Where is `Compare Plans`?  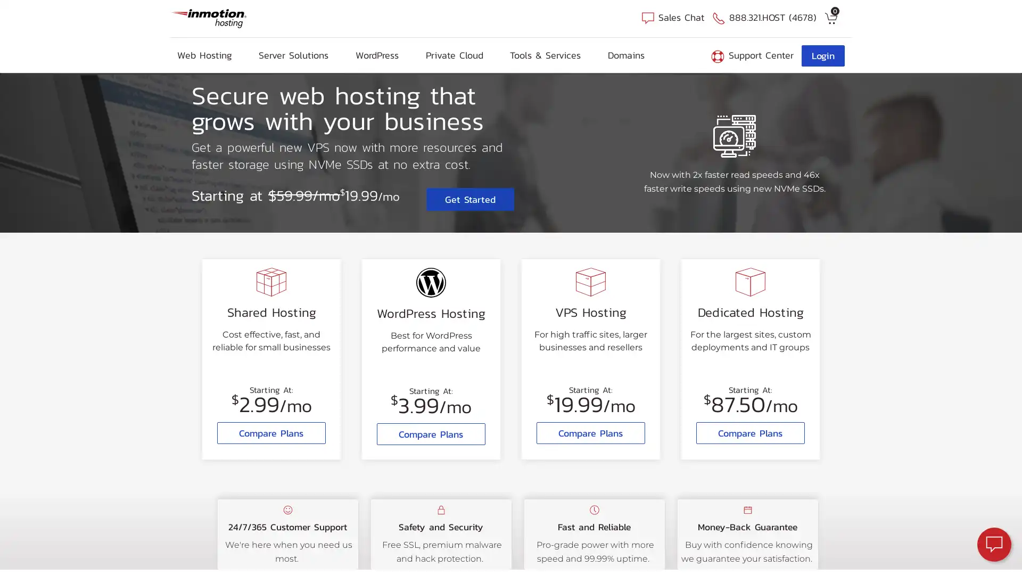 Compare Plans is located at coordinates (271, 433).